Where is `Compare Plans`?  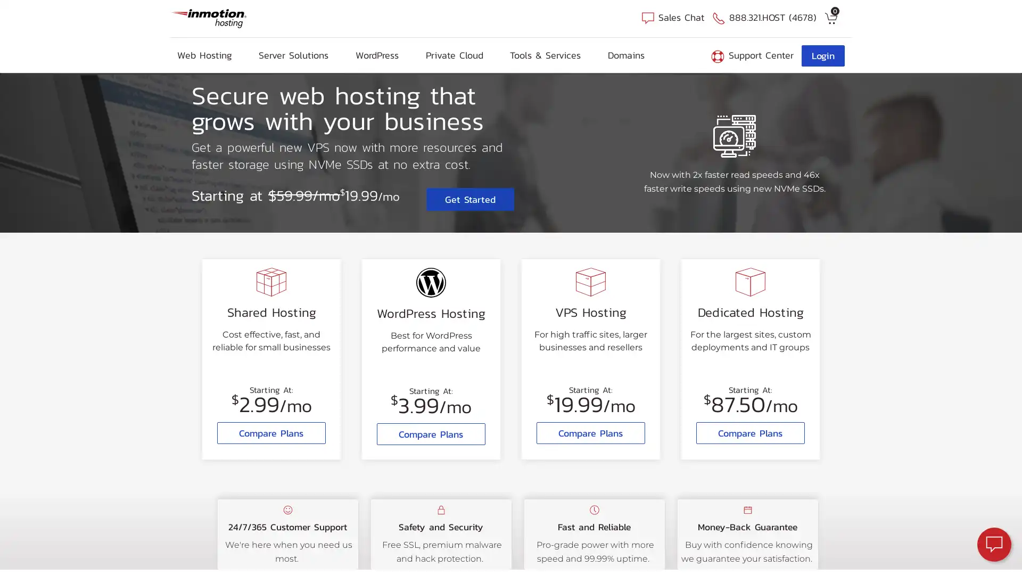 Compare Plans is located at coordinates (271, 433).